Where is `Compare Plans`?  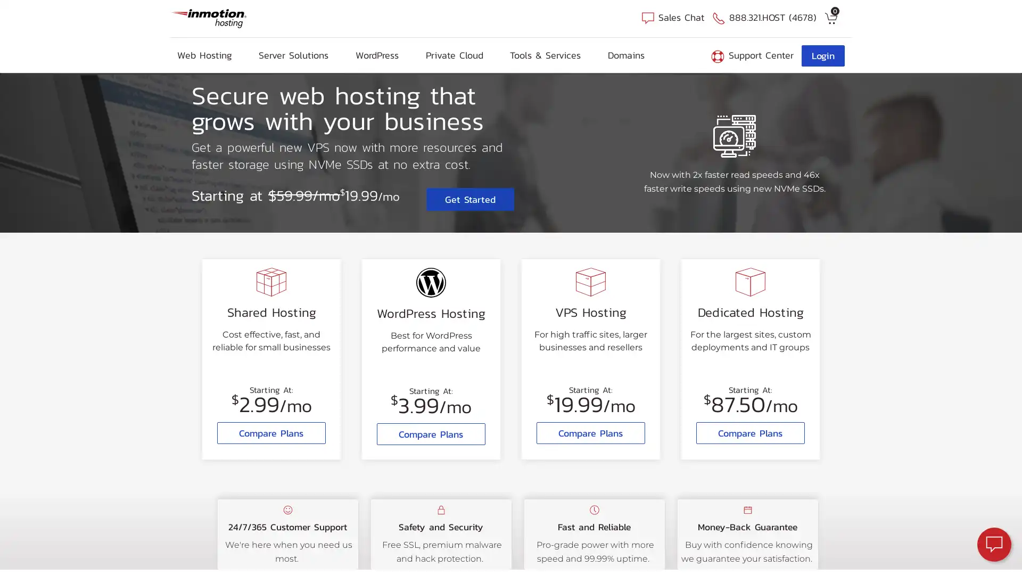 Compare Plans is located at coordinates (271, 433).